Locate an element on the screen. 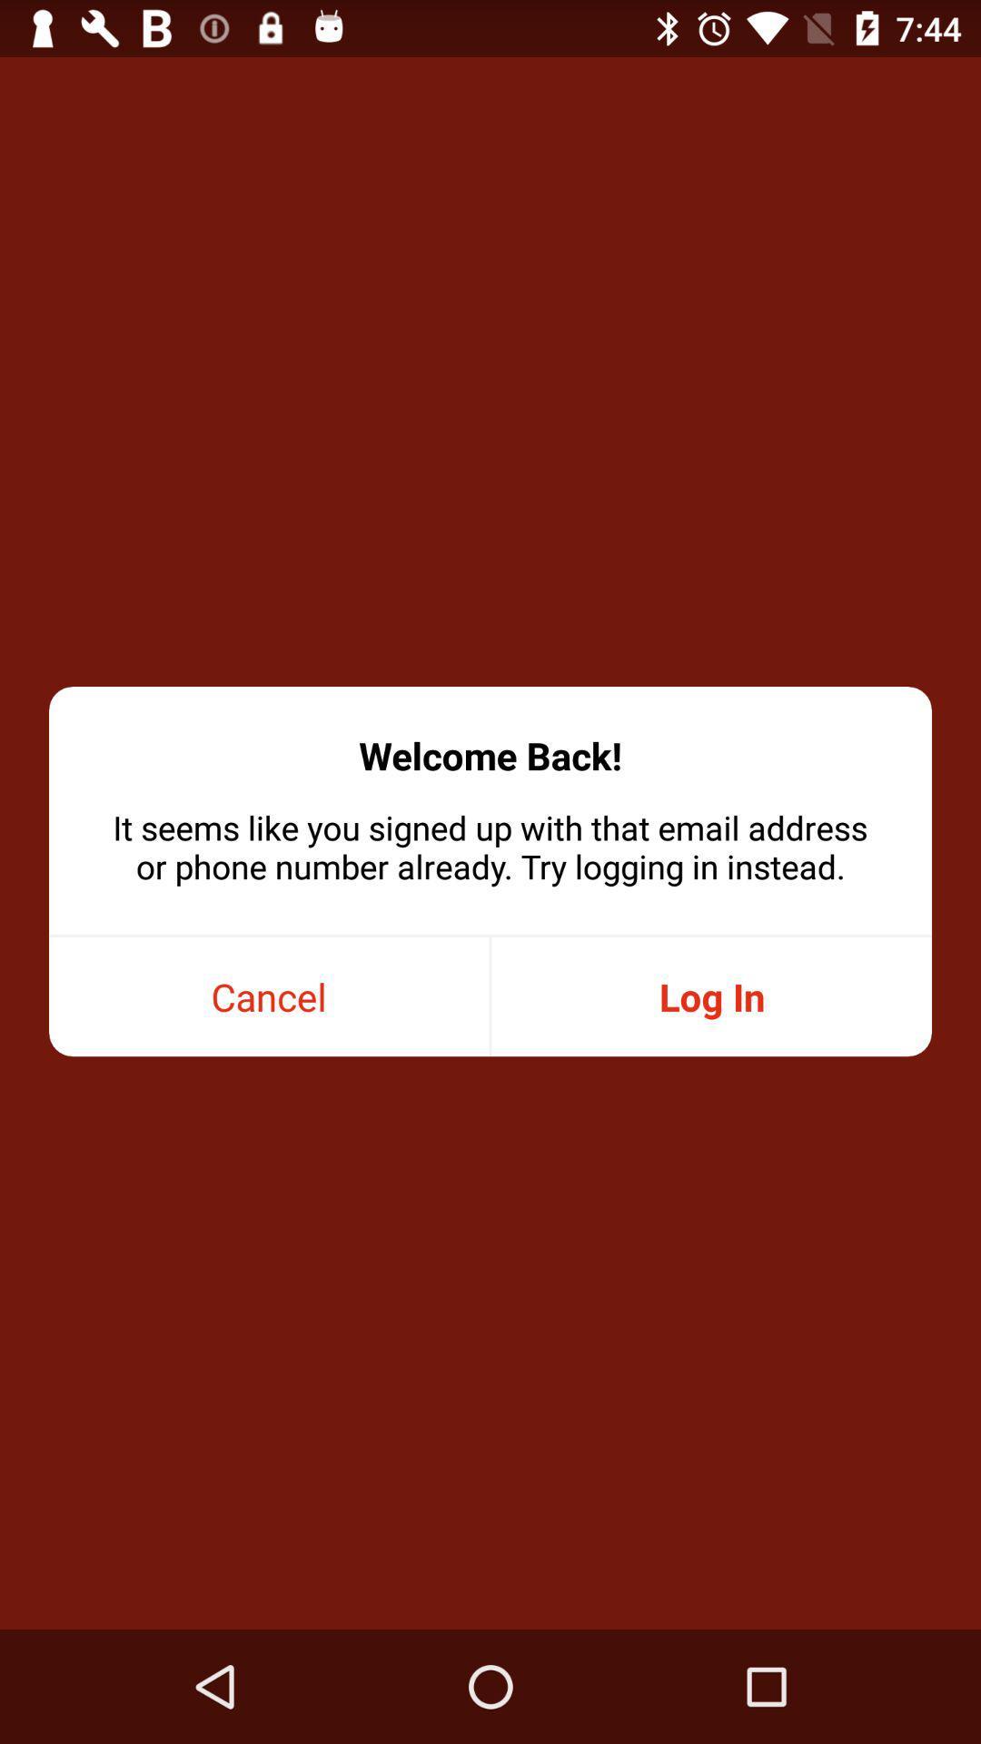 This screenshot has height=1744, width=981. the item on the right is located at coordinates (710, 996).